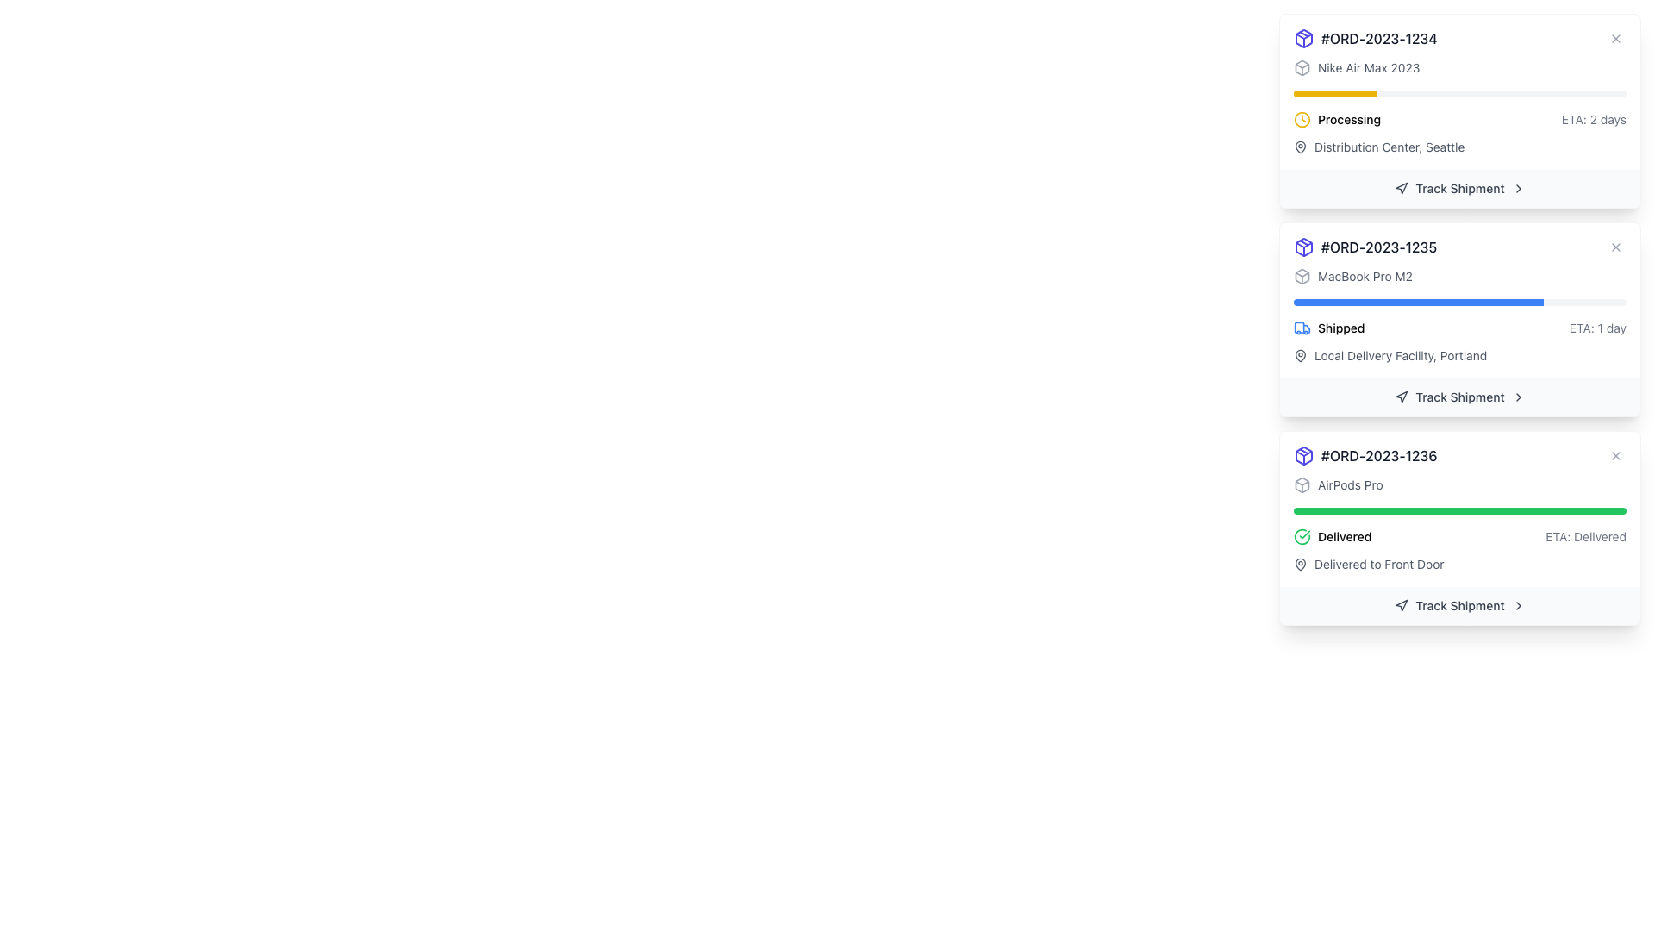 This screenshot has height=931, width=1655. What do you see at coordinates (1302, 536) in the screenshot?
I see `the delivery status icon that visually represents the order status as 'Delivered', located to the left of the text 'Delivered' within the status bar of the order summary card` at bounding box center [1302, 536].